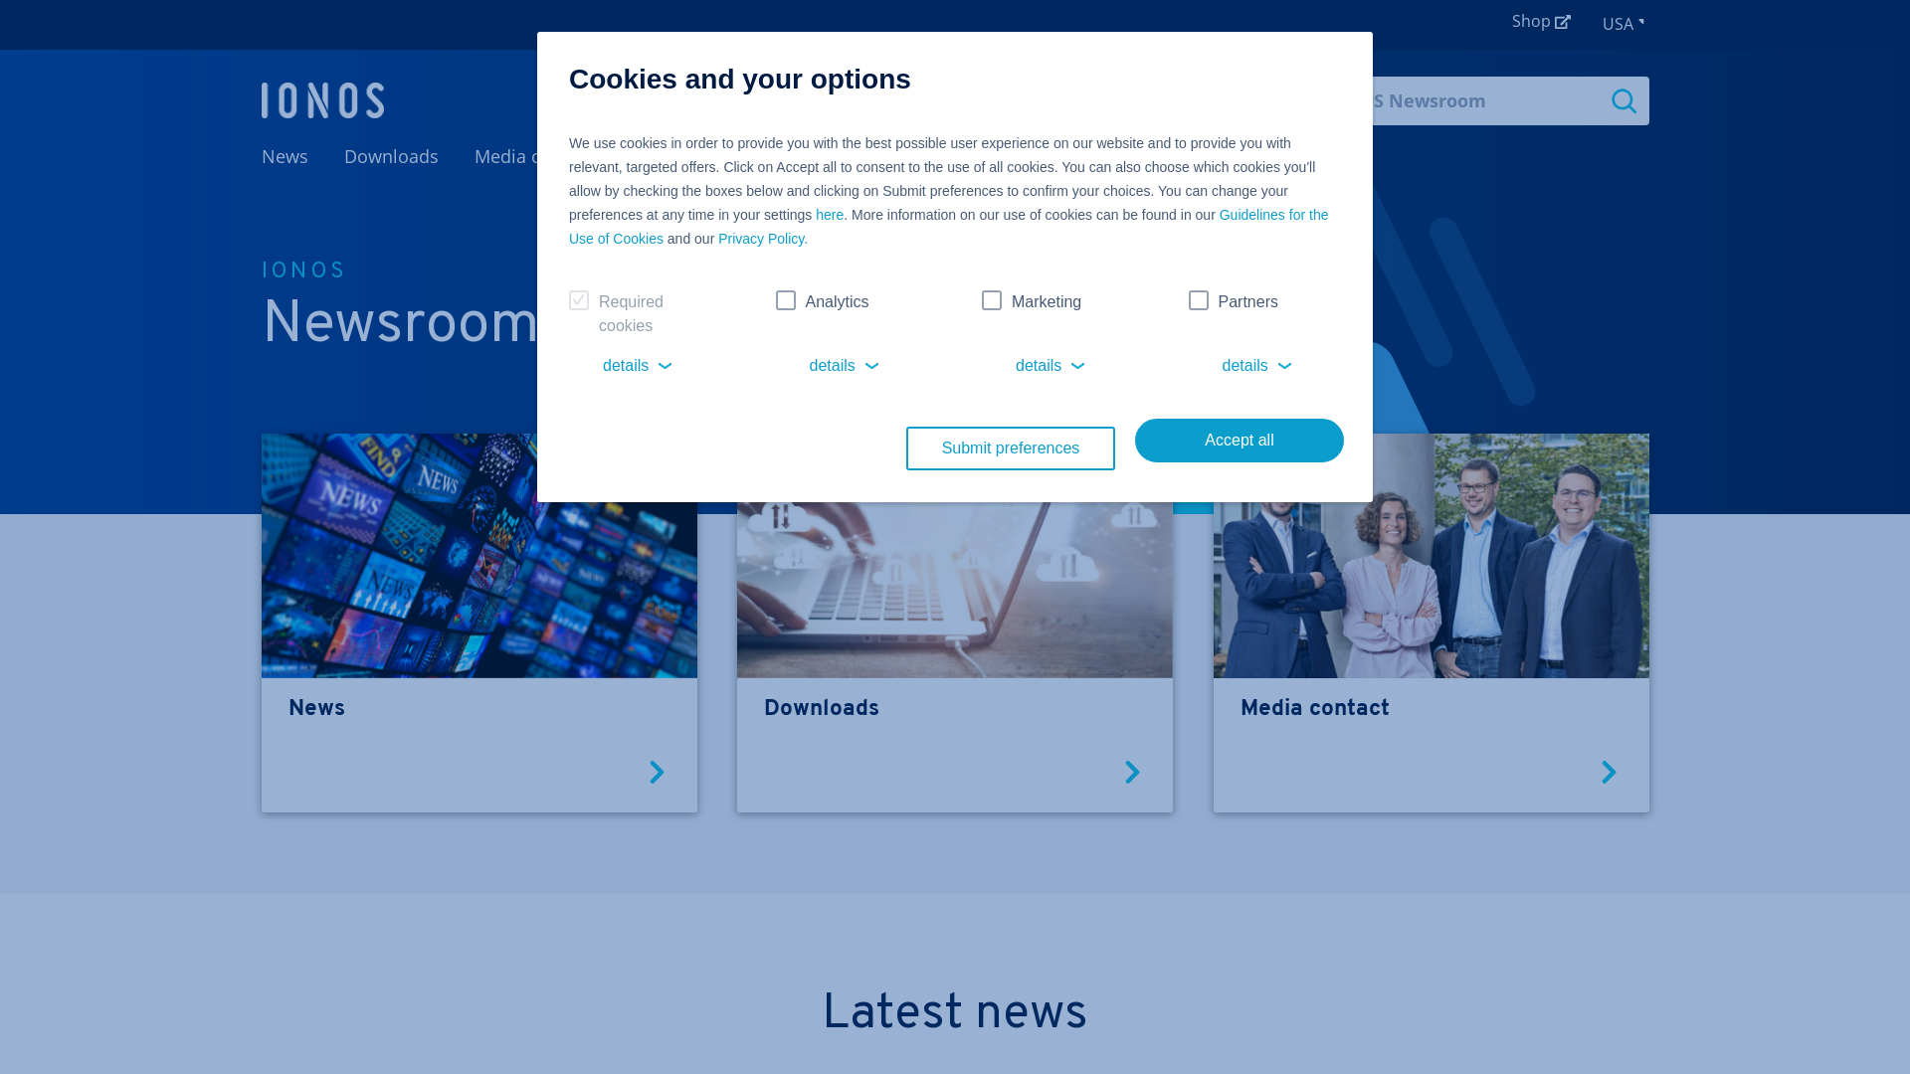  I want to click on 'Search', so click(1623, 99).